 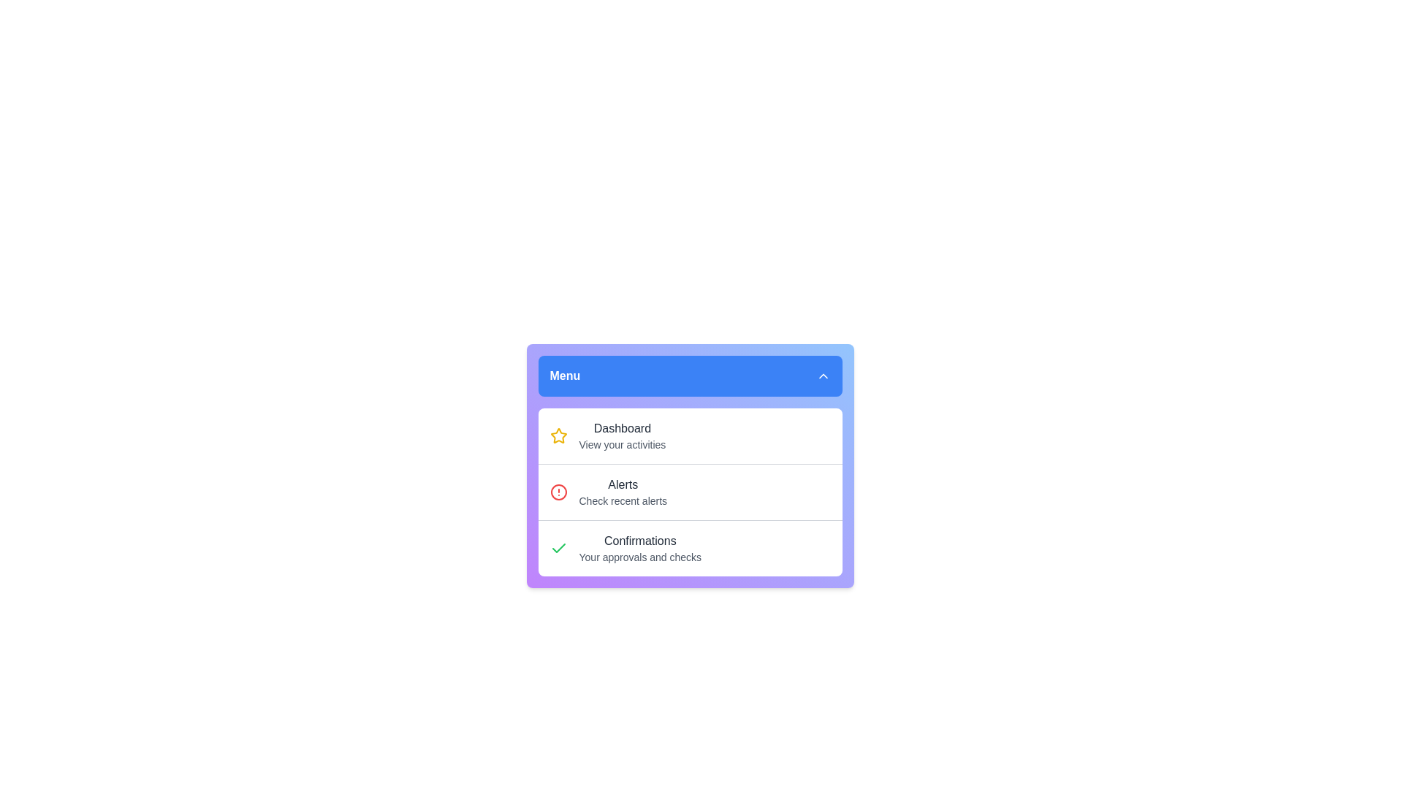 I want to click on the checkmark icon, which is styled in green and indicates a confirmation action, located in the lower-right quadrant of the layout, so click(x=558, y=548).